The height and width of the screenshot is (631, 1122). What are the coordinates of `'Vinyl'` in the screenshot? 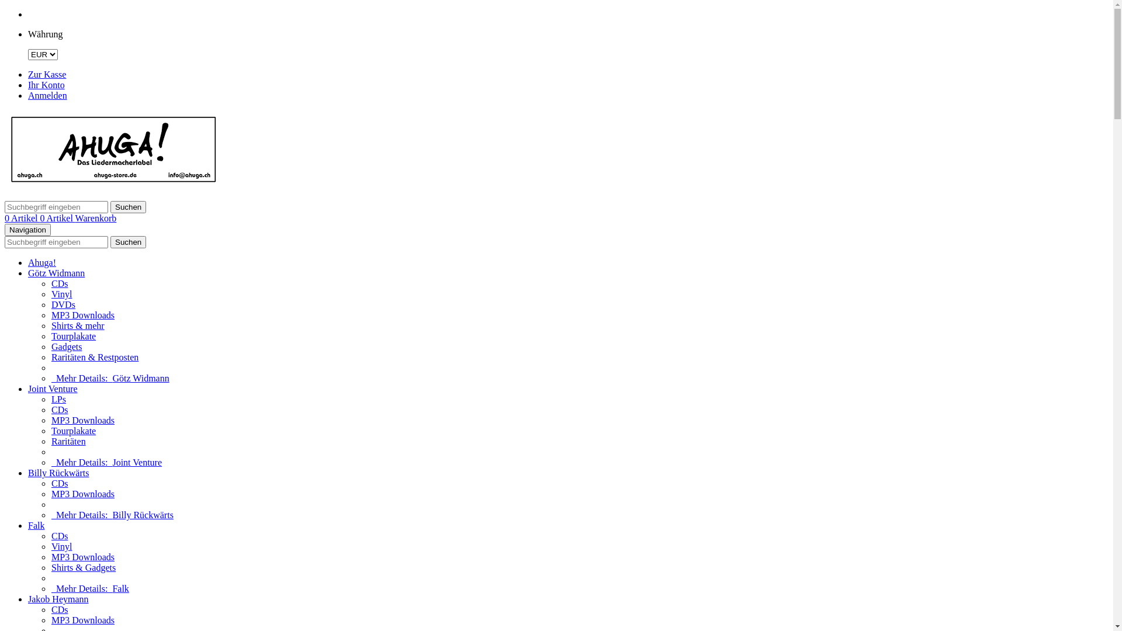 It's located at (61, 293).